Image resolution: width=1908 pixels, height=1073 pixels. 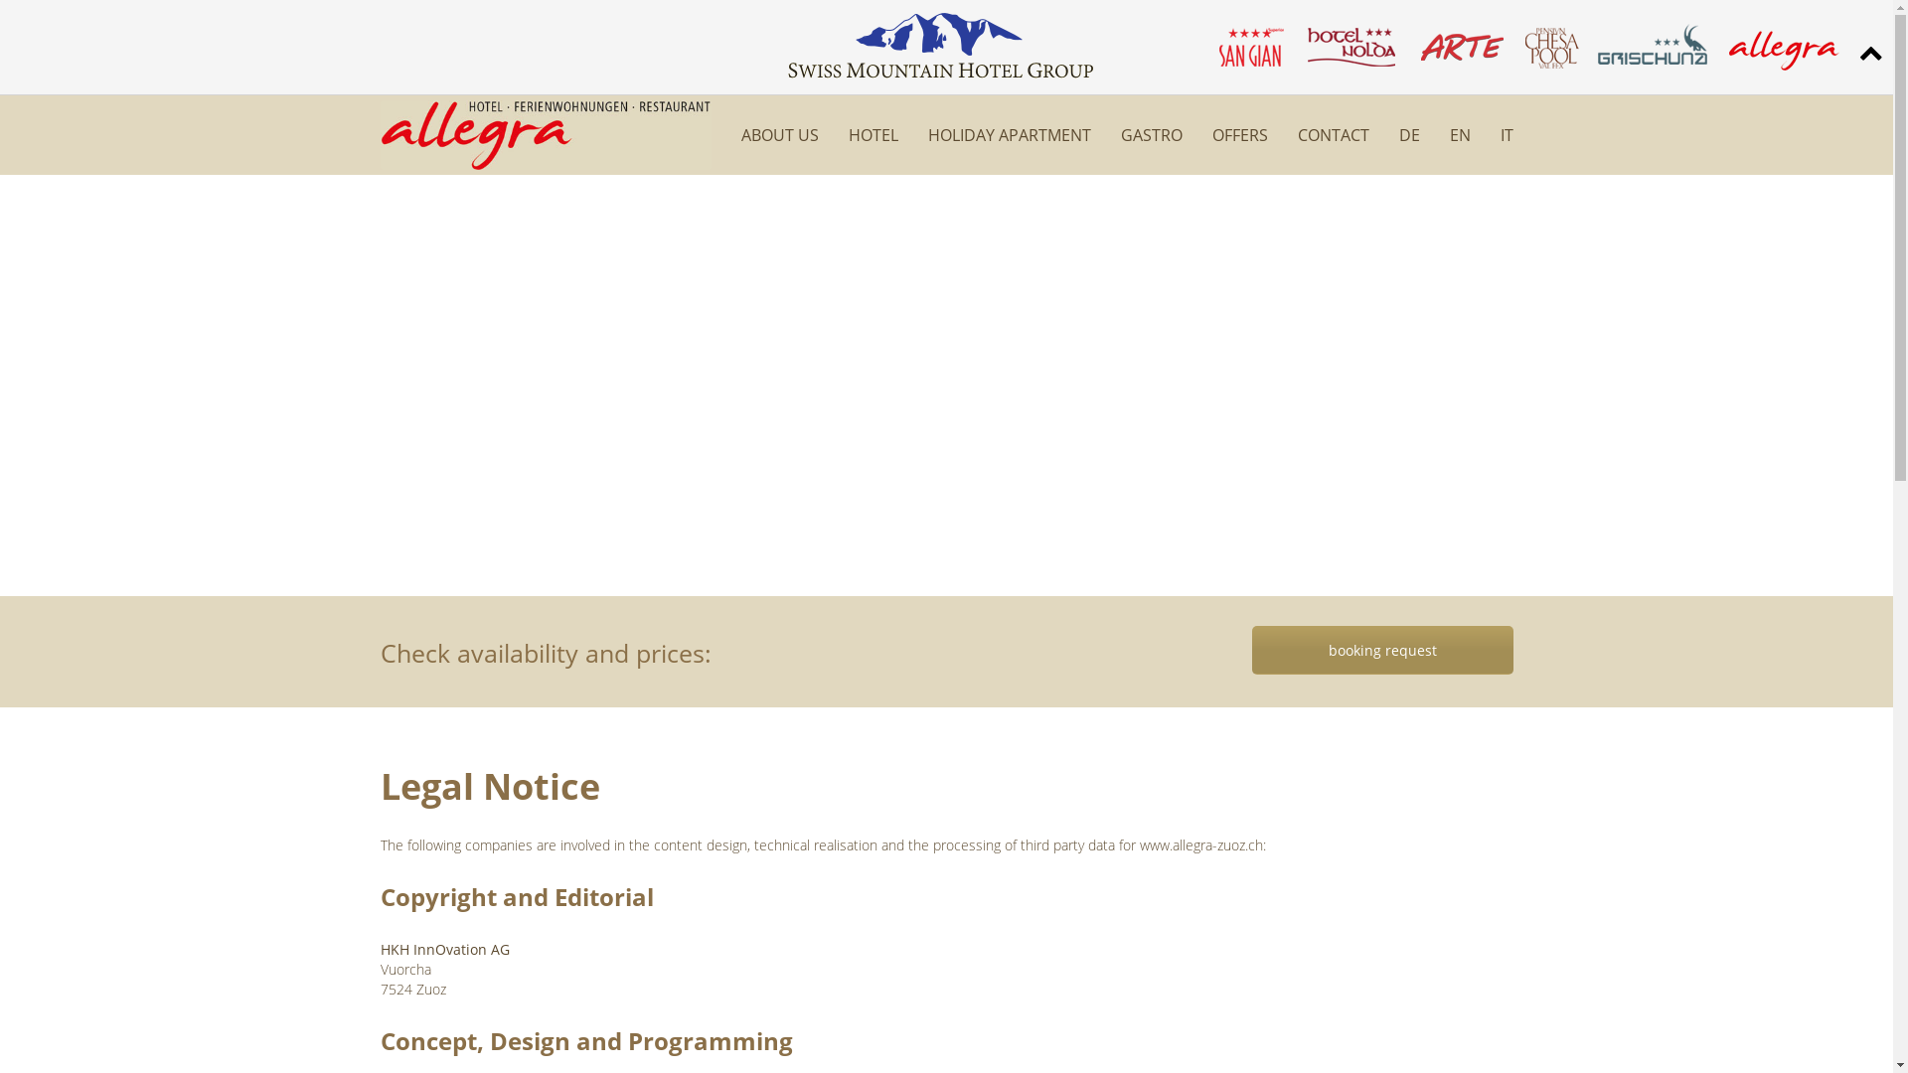 I want to click on 'CONTACT', so click(x=1334, y=134).